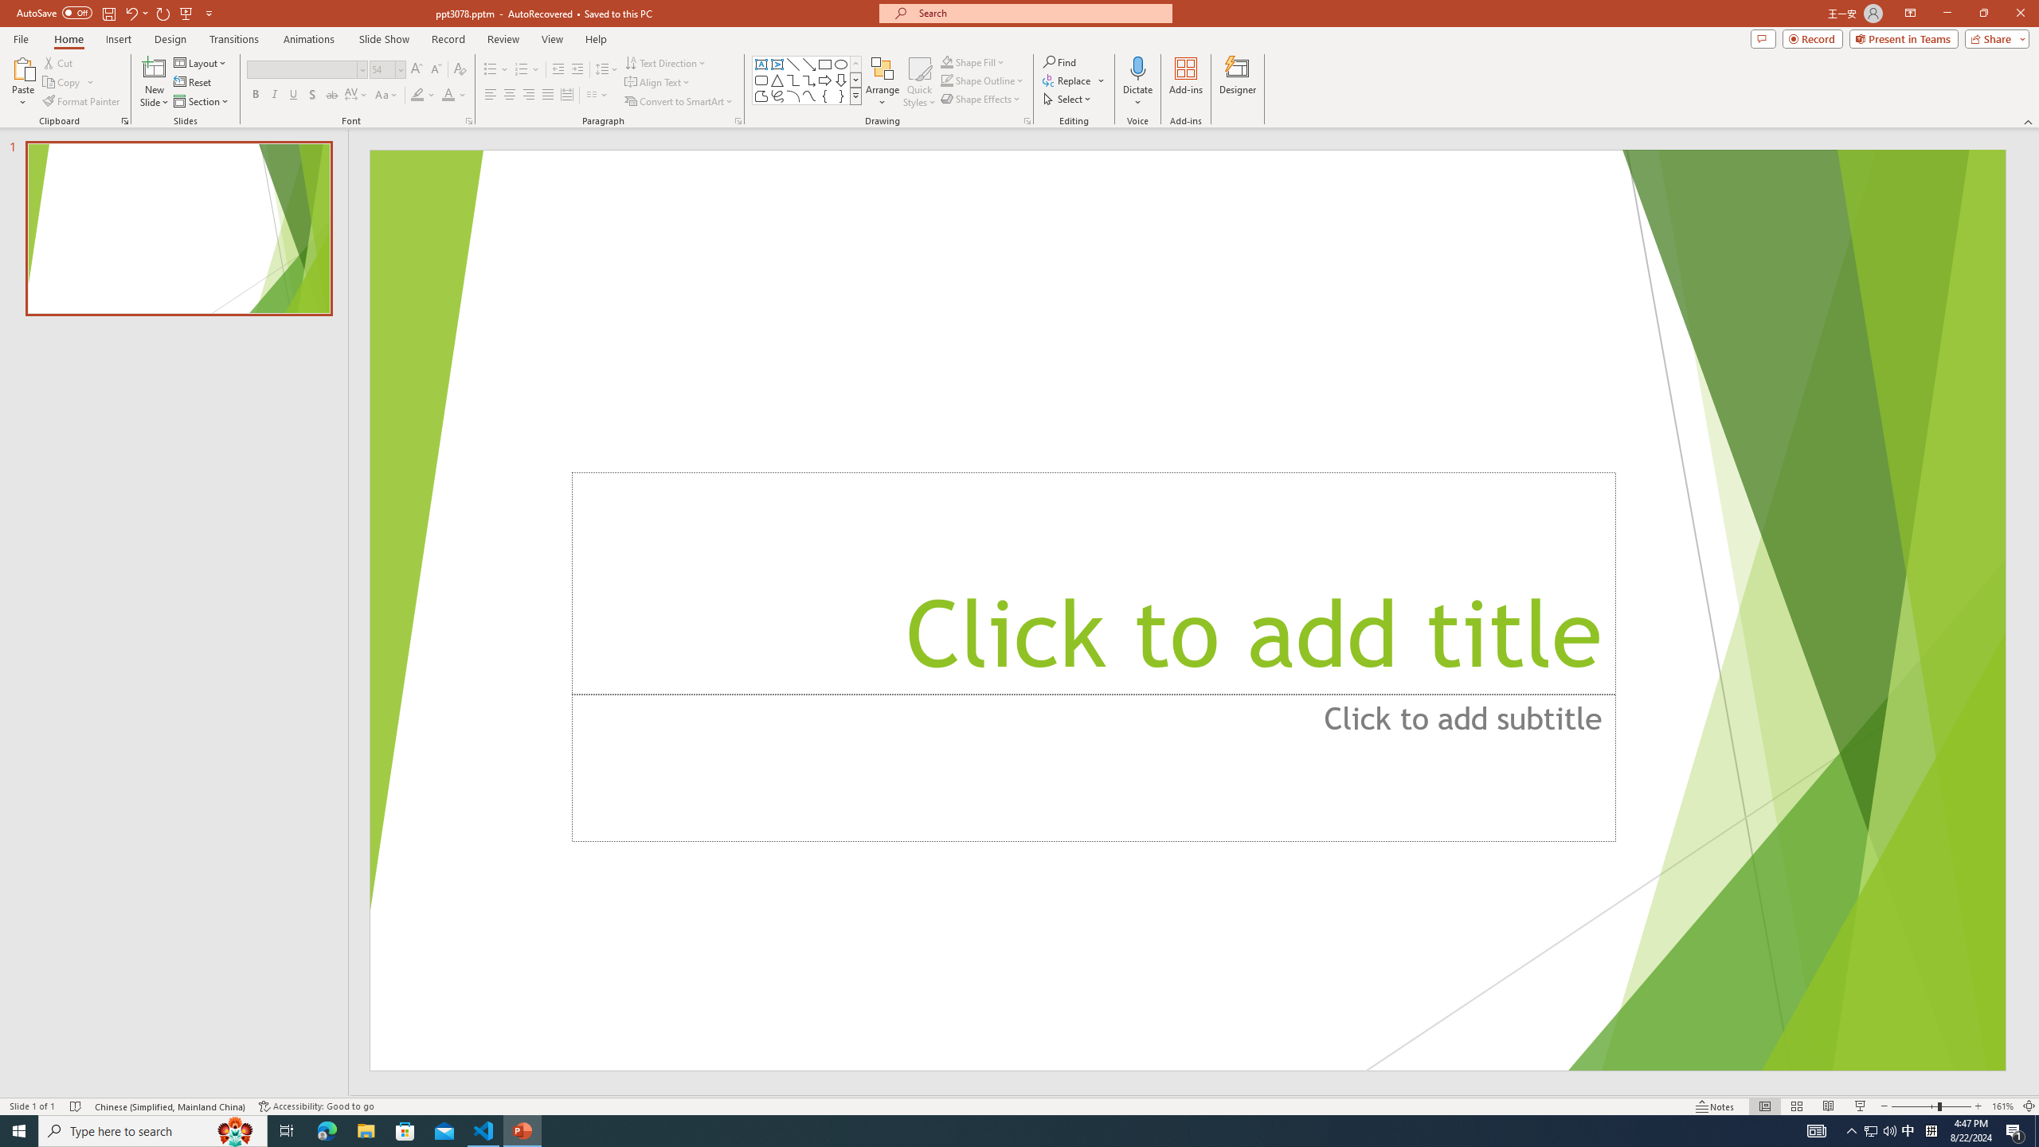 The image size is (2039, 1147). I want to click on 'Dictate', so click(1137, 67).